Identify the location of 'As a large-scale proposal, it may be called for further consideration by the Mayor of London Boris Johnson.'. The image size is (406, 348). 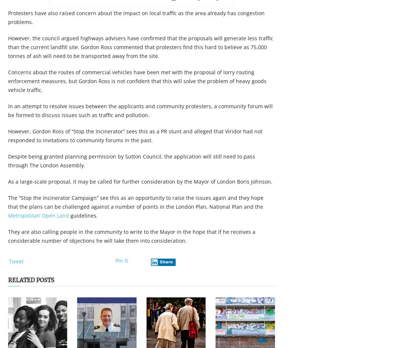
(8, 181).